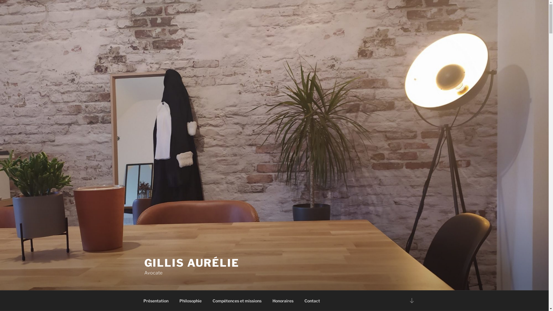 This screenshot has height=311, width=553. I want to click on 'Descendre au contenu', so click(405, 300).